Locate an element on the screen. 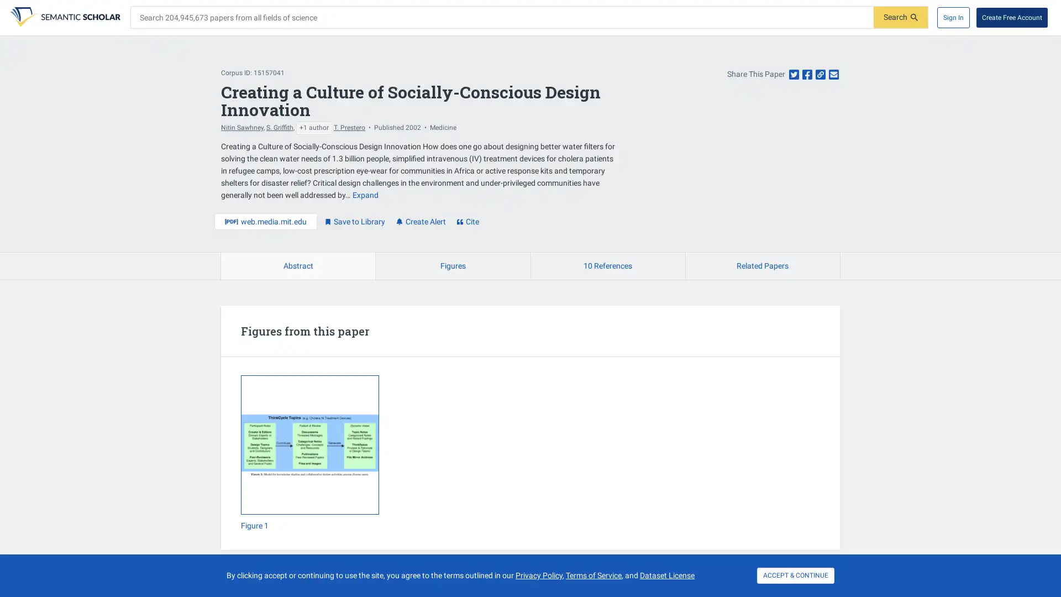  Create Free Account is located at coordinates (1012, 17).